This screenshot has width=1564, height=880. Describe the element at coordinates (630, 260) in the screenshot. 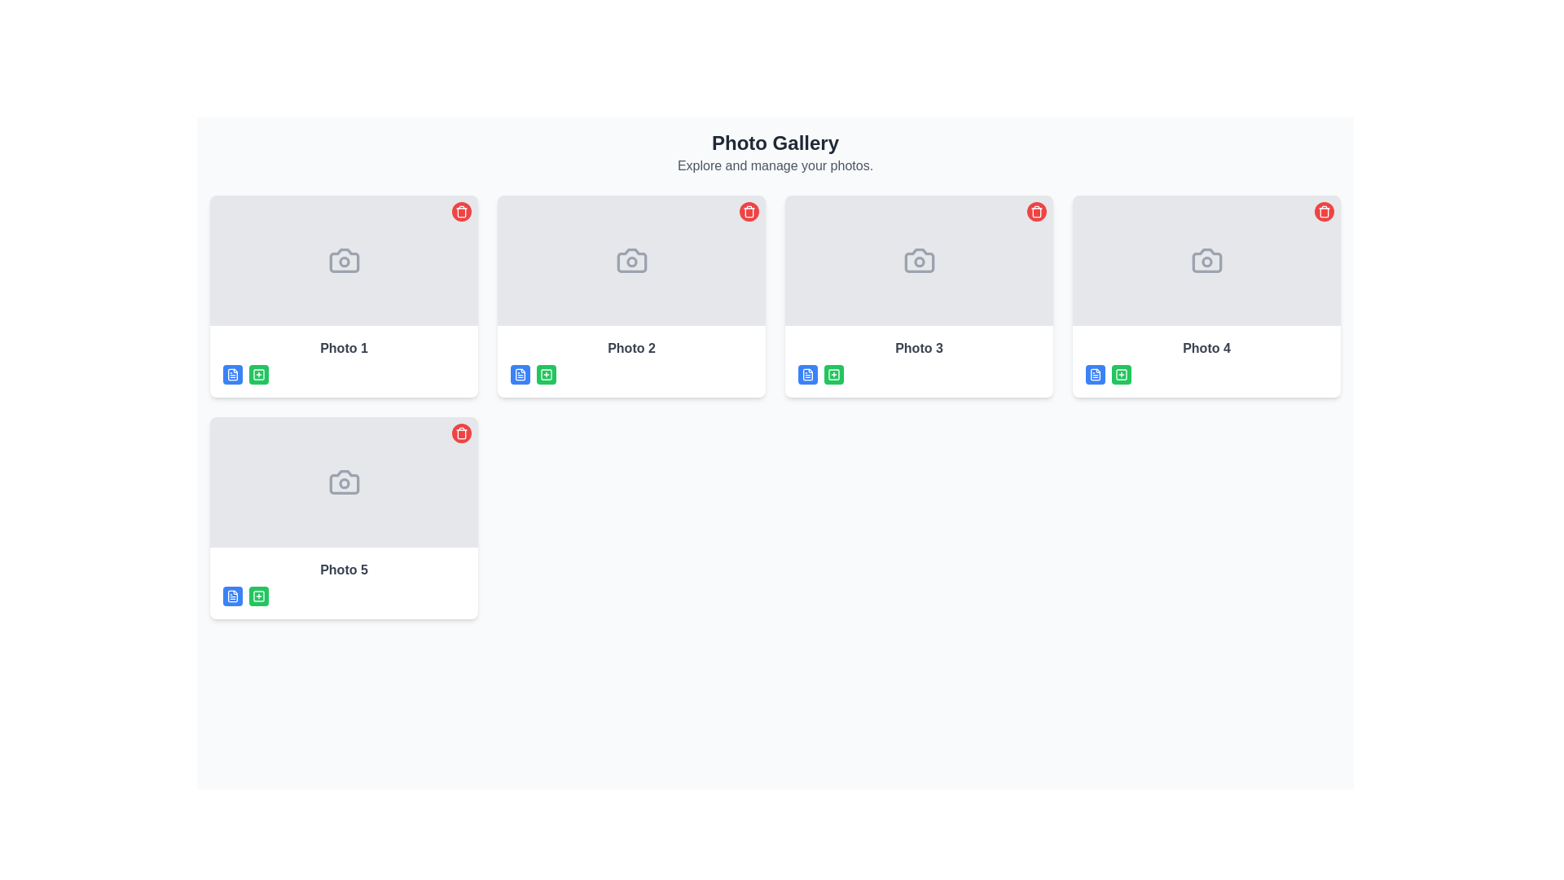

I see `the icon representing the absence of an image or for photo upload management, located in the upper gray section of the tile for 'Photo 2'` at that location.